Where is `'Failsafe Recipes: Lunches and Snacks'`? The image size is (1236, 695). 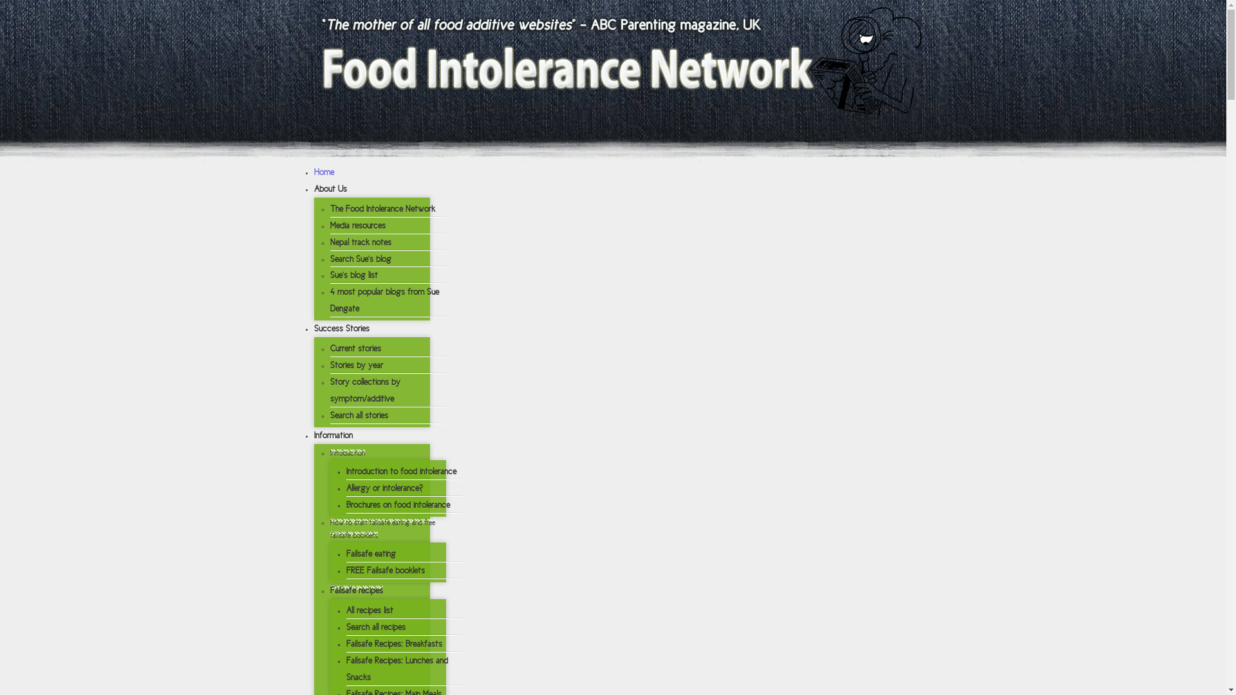
'Failsafe Recipes: Lunches and Snacks' is located at coordinates (397, 668).